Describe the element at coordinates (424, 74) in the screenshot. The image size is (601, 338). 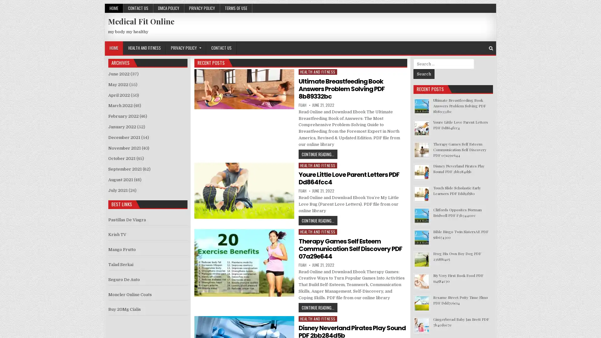
I see `Search` at that location.